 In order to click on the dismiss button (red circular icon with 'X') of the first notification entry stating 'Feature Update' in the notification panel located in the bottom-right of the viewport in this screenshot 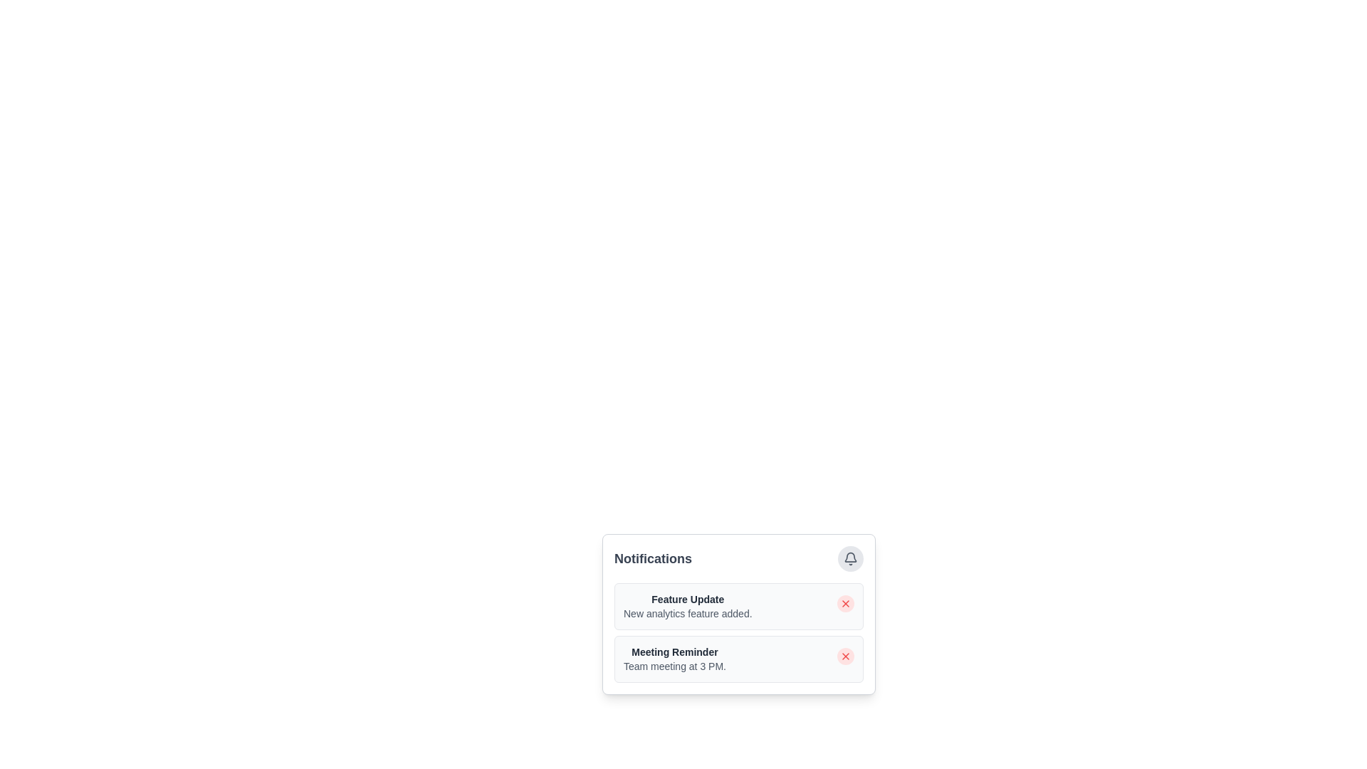, I will do `click(780, 625)`.